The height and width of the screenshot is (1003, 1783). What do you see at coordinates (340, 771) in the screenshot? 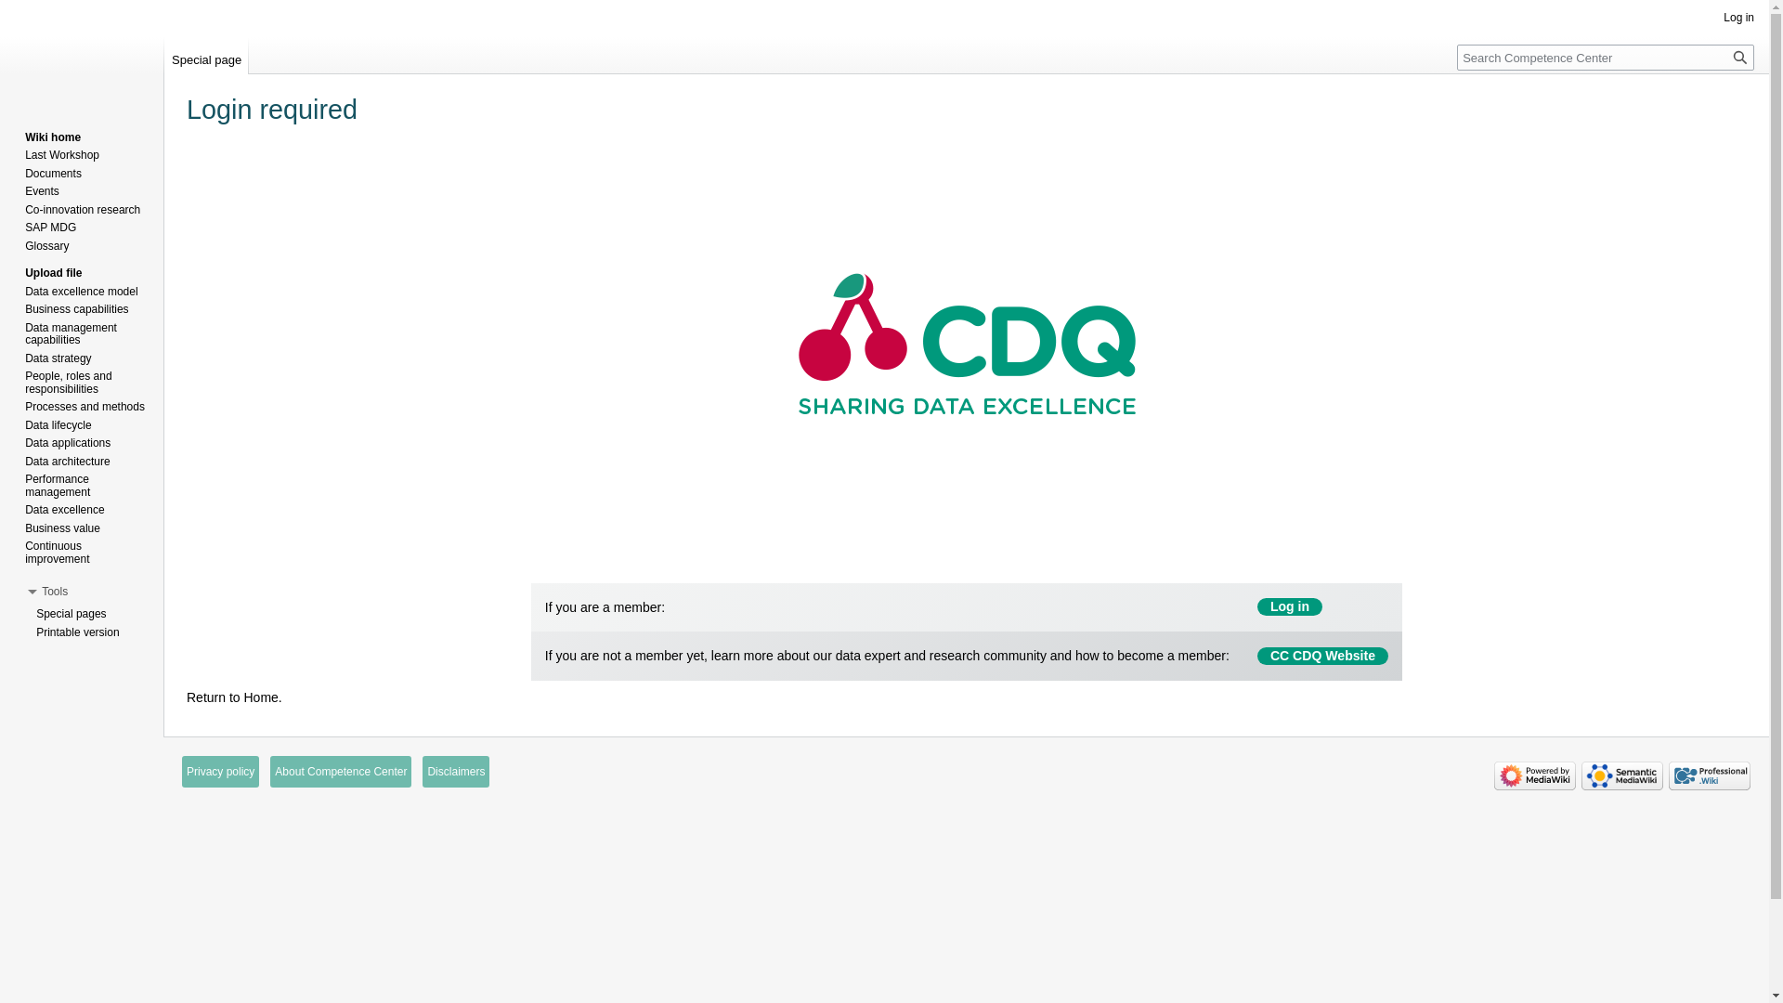
I see `'About Competence Center'` at bounding box center [340, 771].